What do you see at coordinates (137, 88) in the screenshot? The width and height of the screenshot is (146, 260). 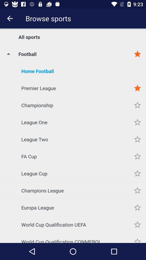 I see `this sport` at bounding box center [137, 88].